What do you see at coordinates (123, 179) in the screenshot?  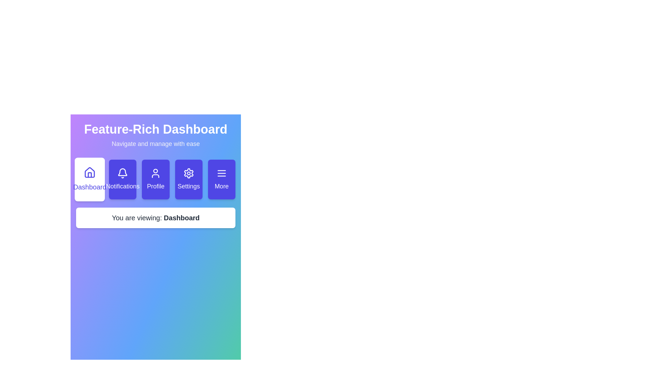 I see `the 'Notifications' button, which is styled as a rounded rectangle with a vibrant indigo background and white text` at bounding box center [123, 179].